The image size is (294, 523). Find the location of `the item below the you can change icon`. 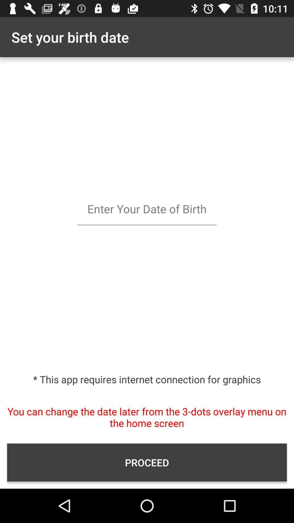

the item below the you can change icon is located at coordinates (147, 462).